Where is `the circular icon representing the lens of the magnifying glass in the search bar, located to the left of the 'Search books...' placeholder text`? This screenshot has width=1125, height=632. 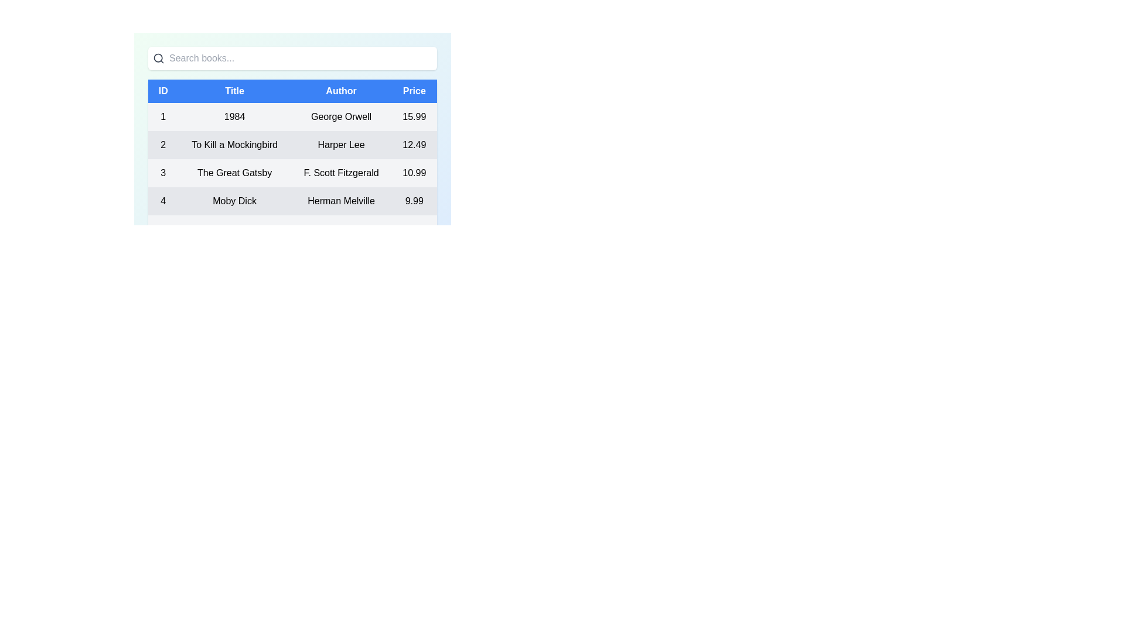 the circular icon representing the lens of the magnifying glass in the search bar, located to the left of the 'Search books...' placeholder text is located at coordinates (158, 58).